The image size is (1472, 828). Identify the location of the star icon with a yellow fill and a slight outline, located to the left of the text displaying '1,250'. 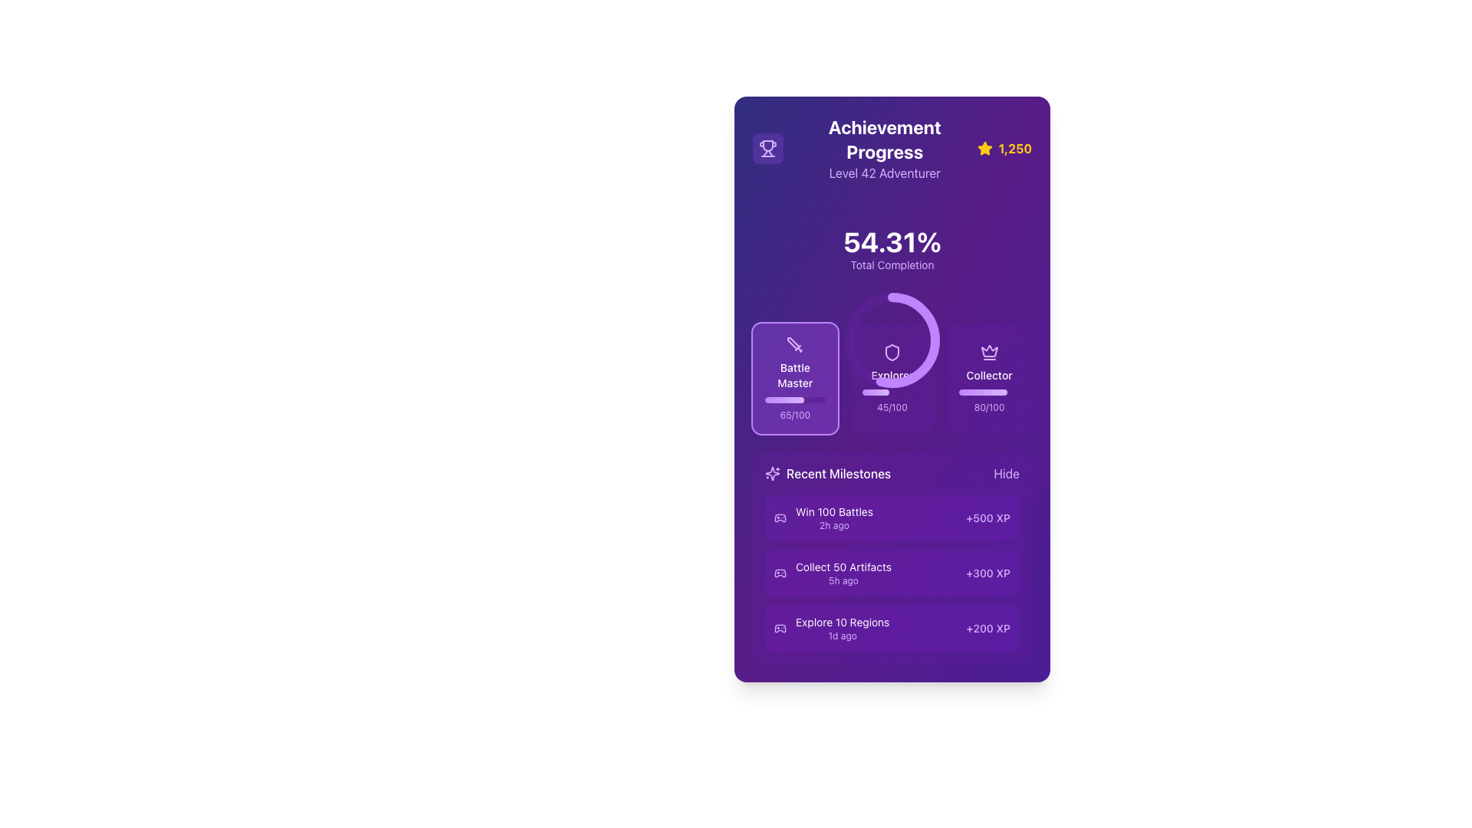
(984, 148).